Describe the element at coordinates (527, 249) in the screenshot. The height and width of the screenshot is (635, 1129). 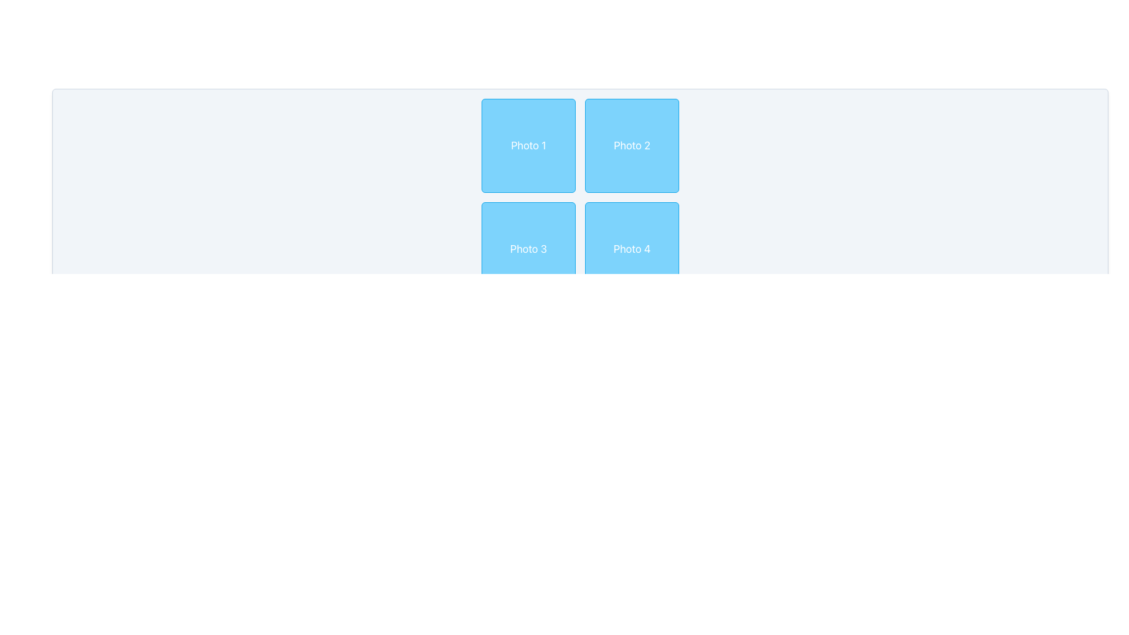
I see `the static label 'Photo 3' which is a square-shaped box with rounded corners, sky-blue background, white border, and centered text` at that location.